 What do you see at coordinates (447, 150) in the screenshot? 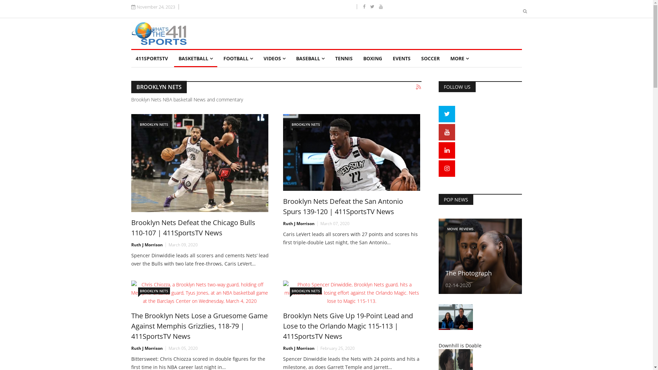
I see `'Linkedin'` at bounding box center [447, 150].